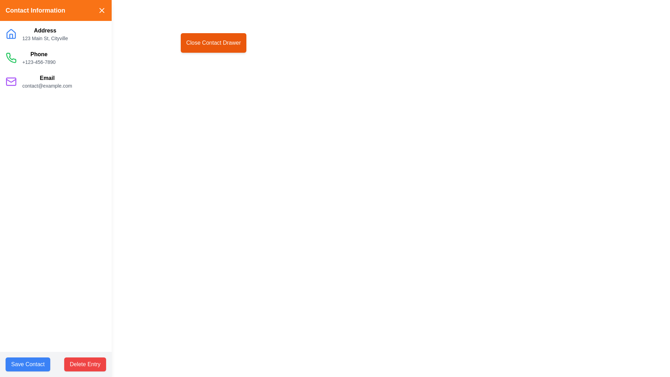 The image size is (670, 377). Describe the element at coordinates (11, 81) in the screenshot. I see `the email contact icon located to the left of the text 'Email' and 'contact@example.com' in the third section of the contact information panel` at that location.